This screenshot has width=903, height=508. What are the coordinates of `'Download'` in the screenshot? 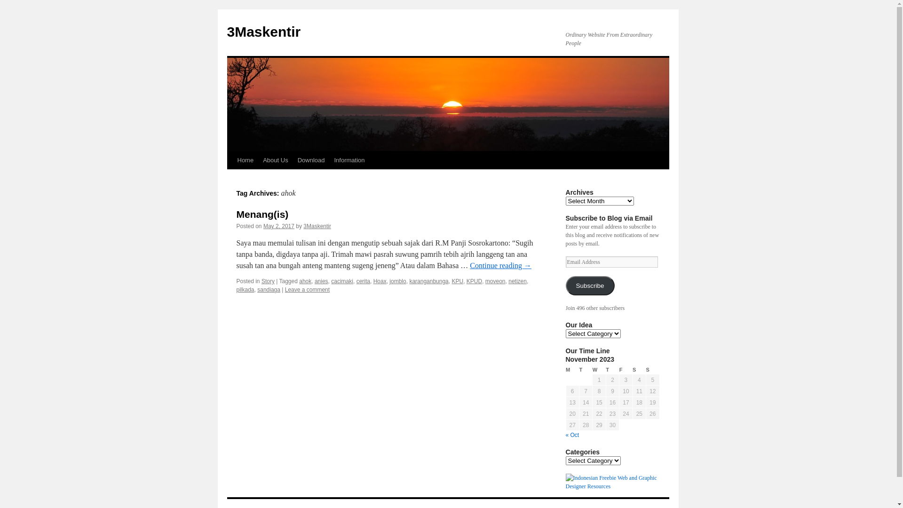 It's located at (311, 159).